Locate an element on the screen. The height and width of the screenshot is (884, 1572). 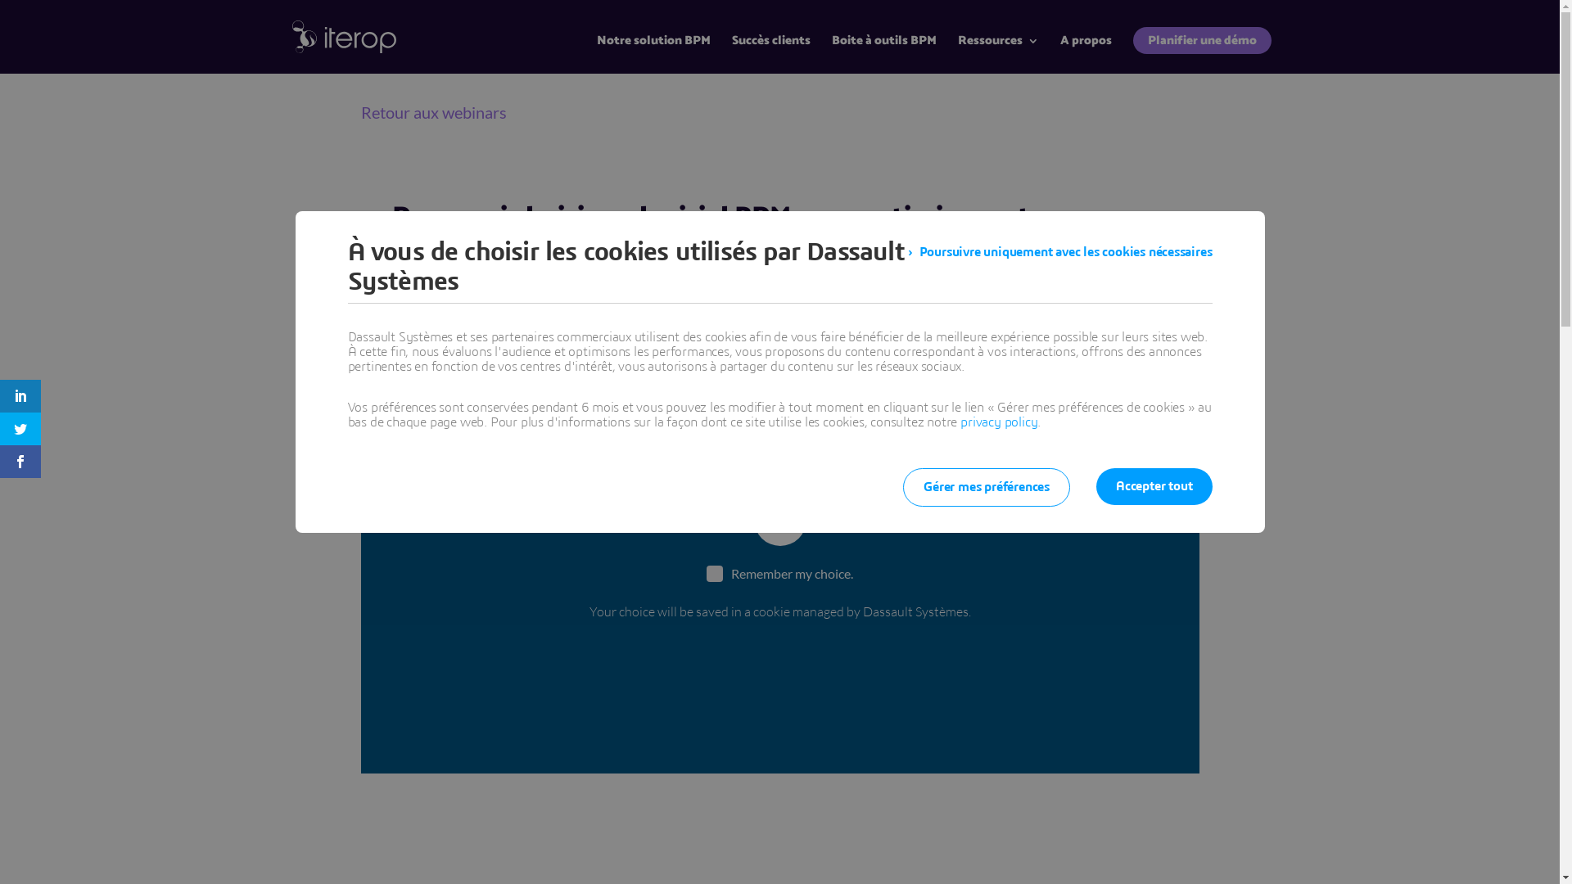
'A propos' is located at coordinates (1085, 53).